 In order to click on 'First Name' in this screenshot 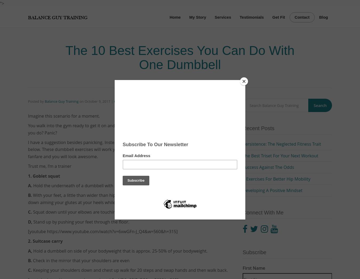, I will do `click(254, 268)`.